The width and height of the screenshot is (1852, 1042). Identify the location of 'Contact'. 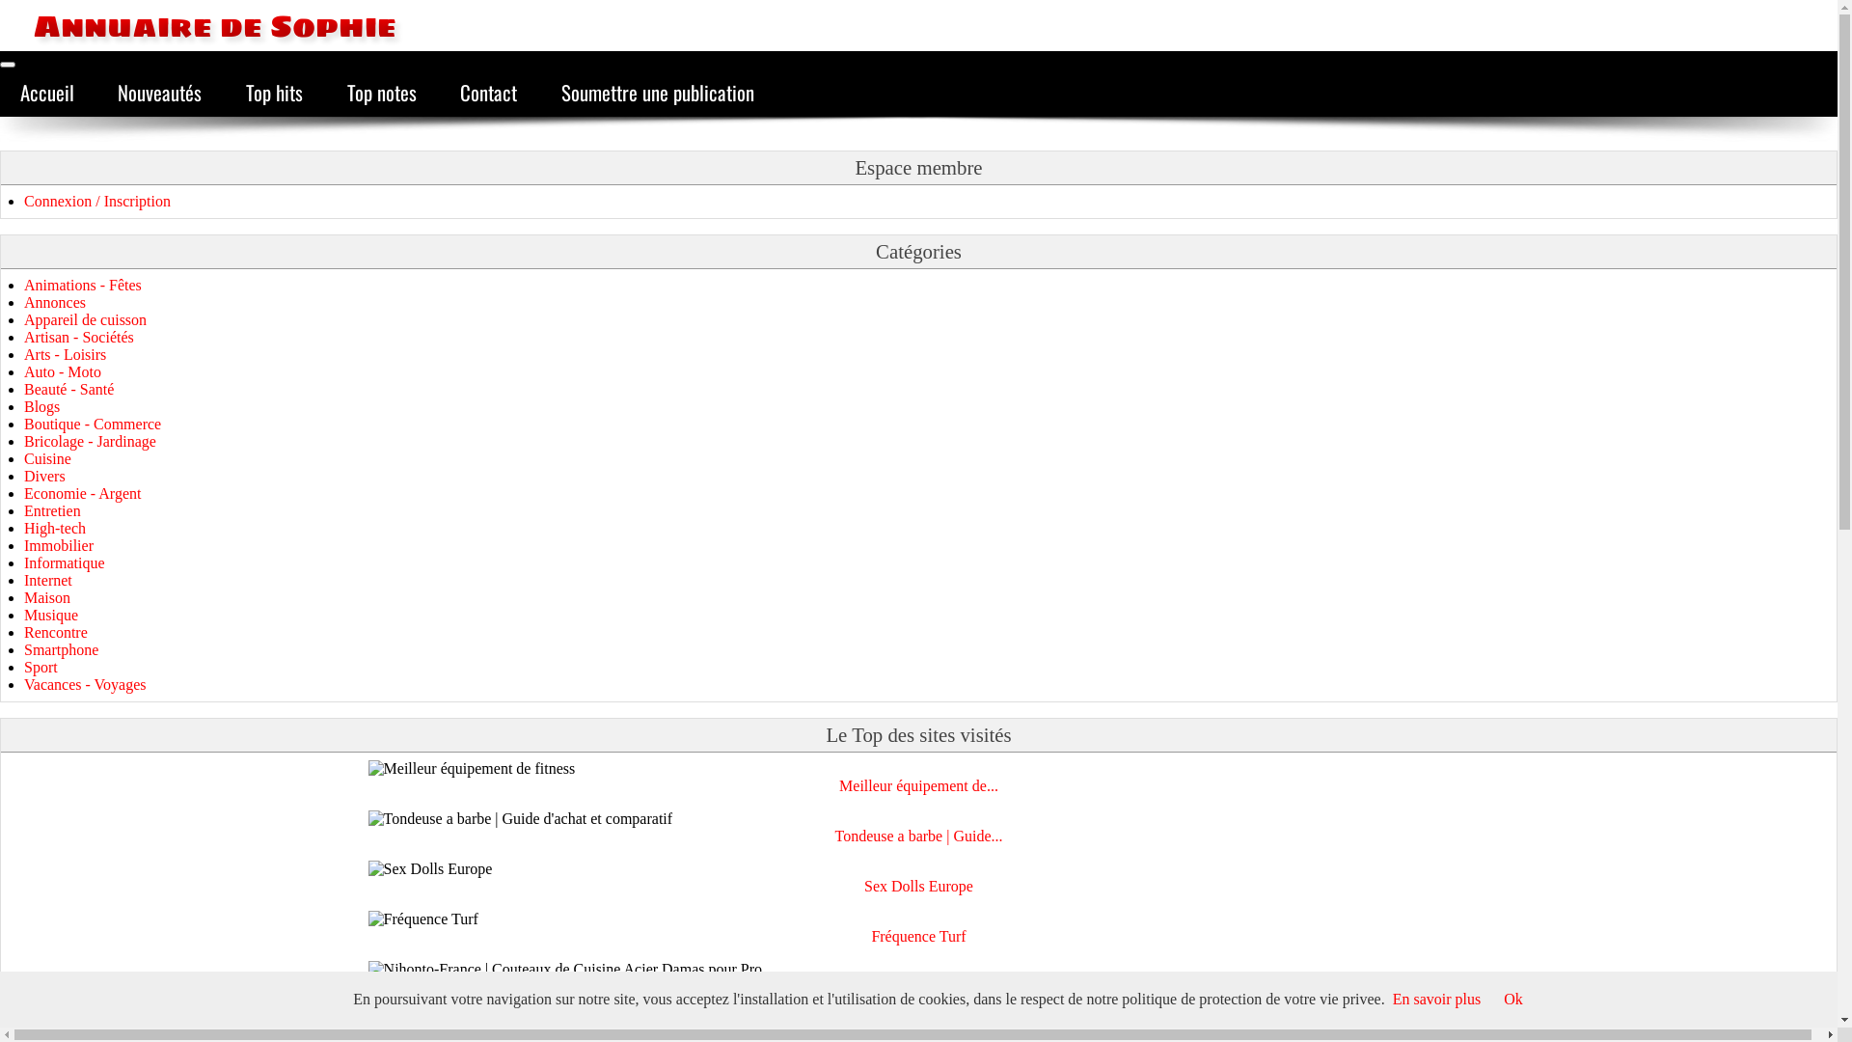
(439, 93).